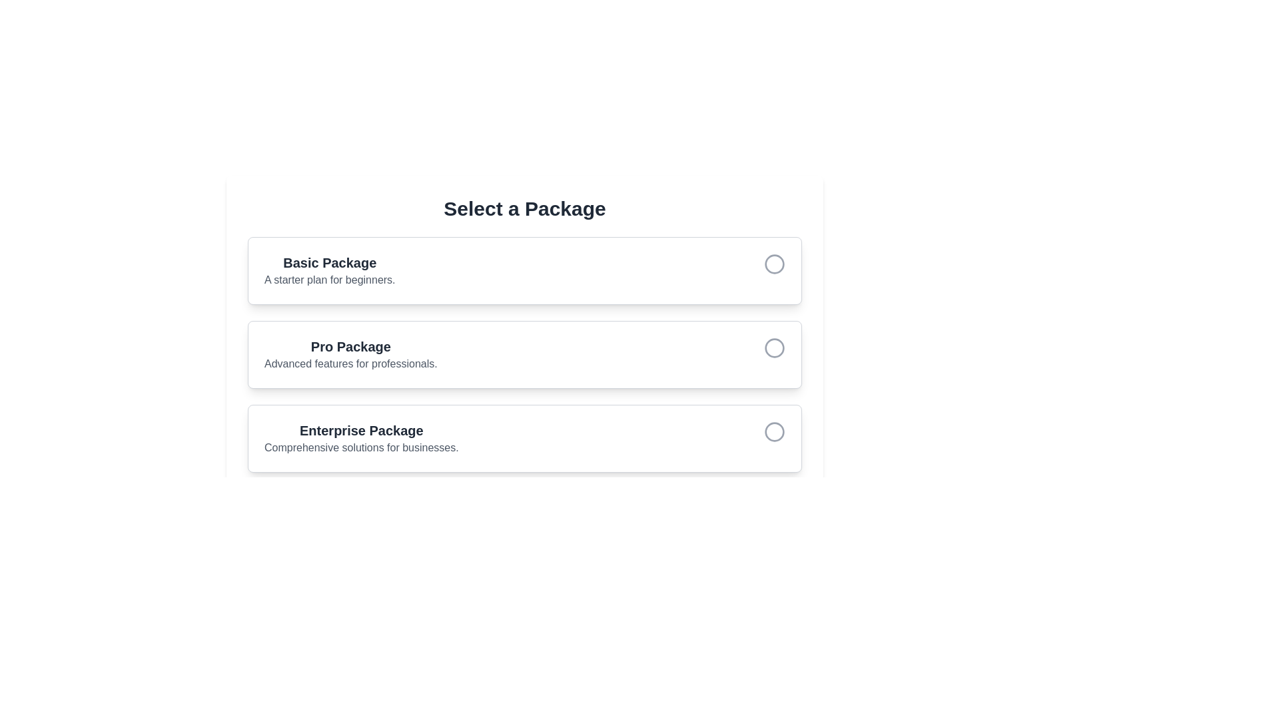 This screenshot has width=1279, height=719. I want to click on the text 'Advanced features for professionals.' which is styled with a gray font color and located below the header 'Pro Package', so click(350, 364).